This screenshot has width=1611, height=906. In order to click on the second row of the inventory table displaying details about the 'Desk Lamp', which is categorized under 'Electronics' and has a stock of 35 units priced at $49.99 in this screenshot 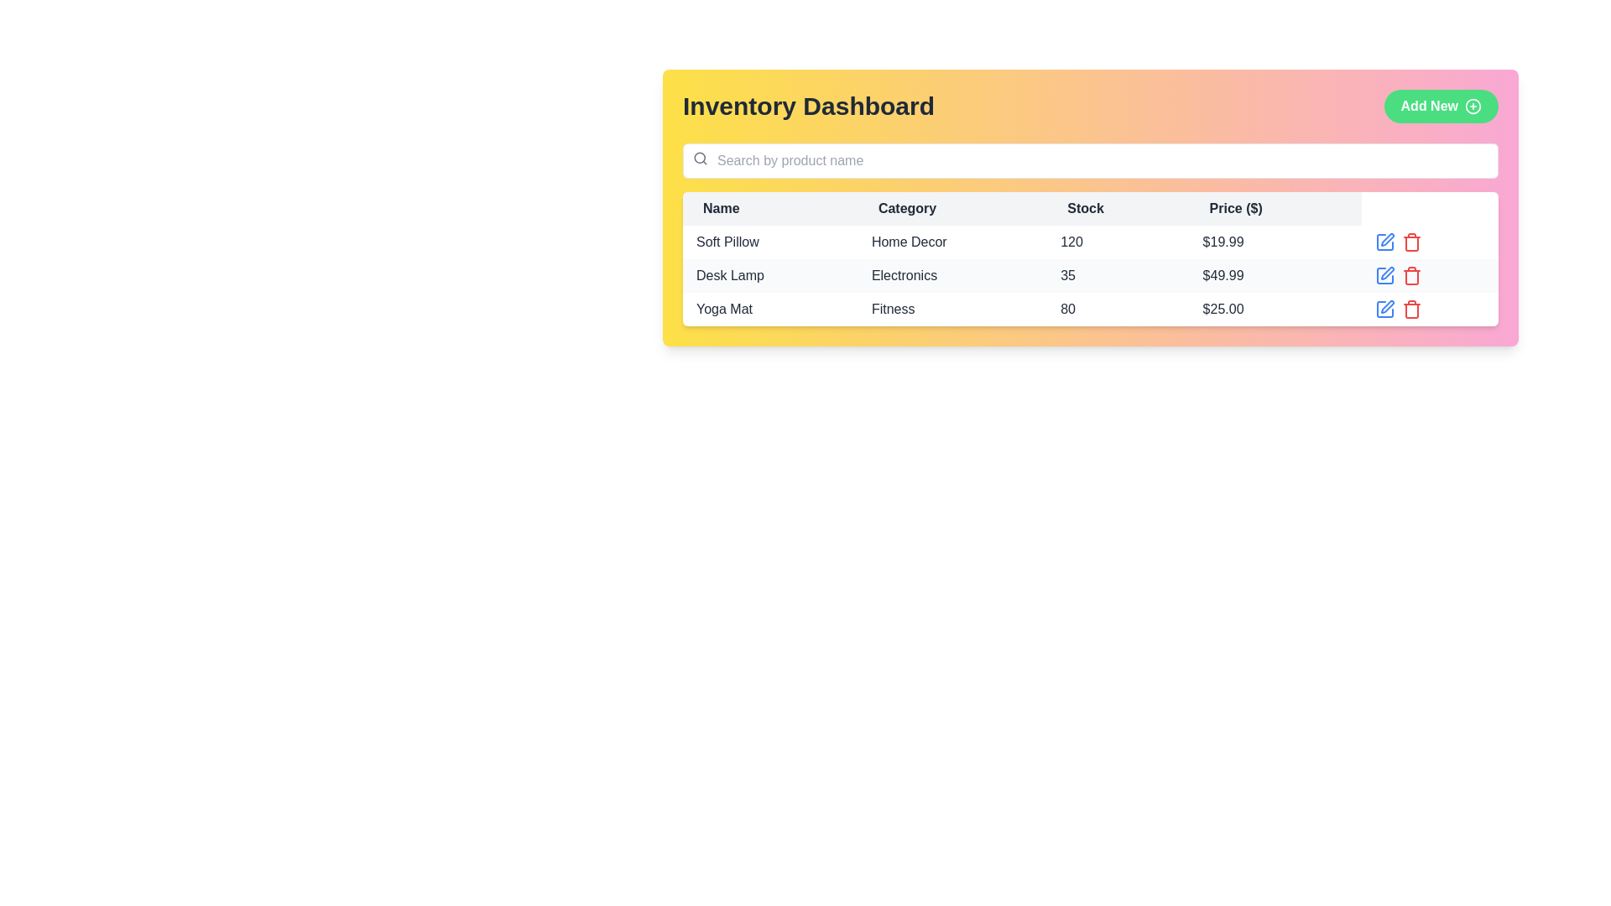, I will do `click(1091, 274)`.